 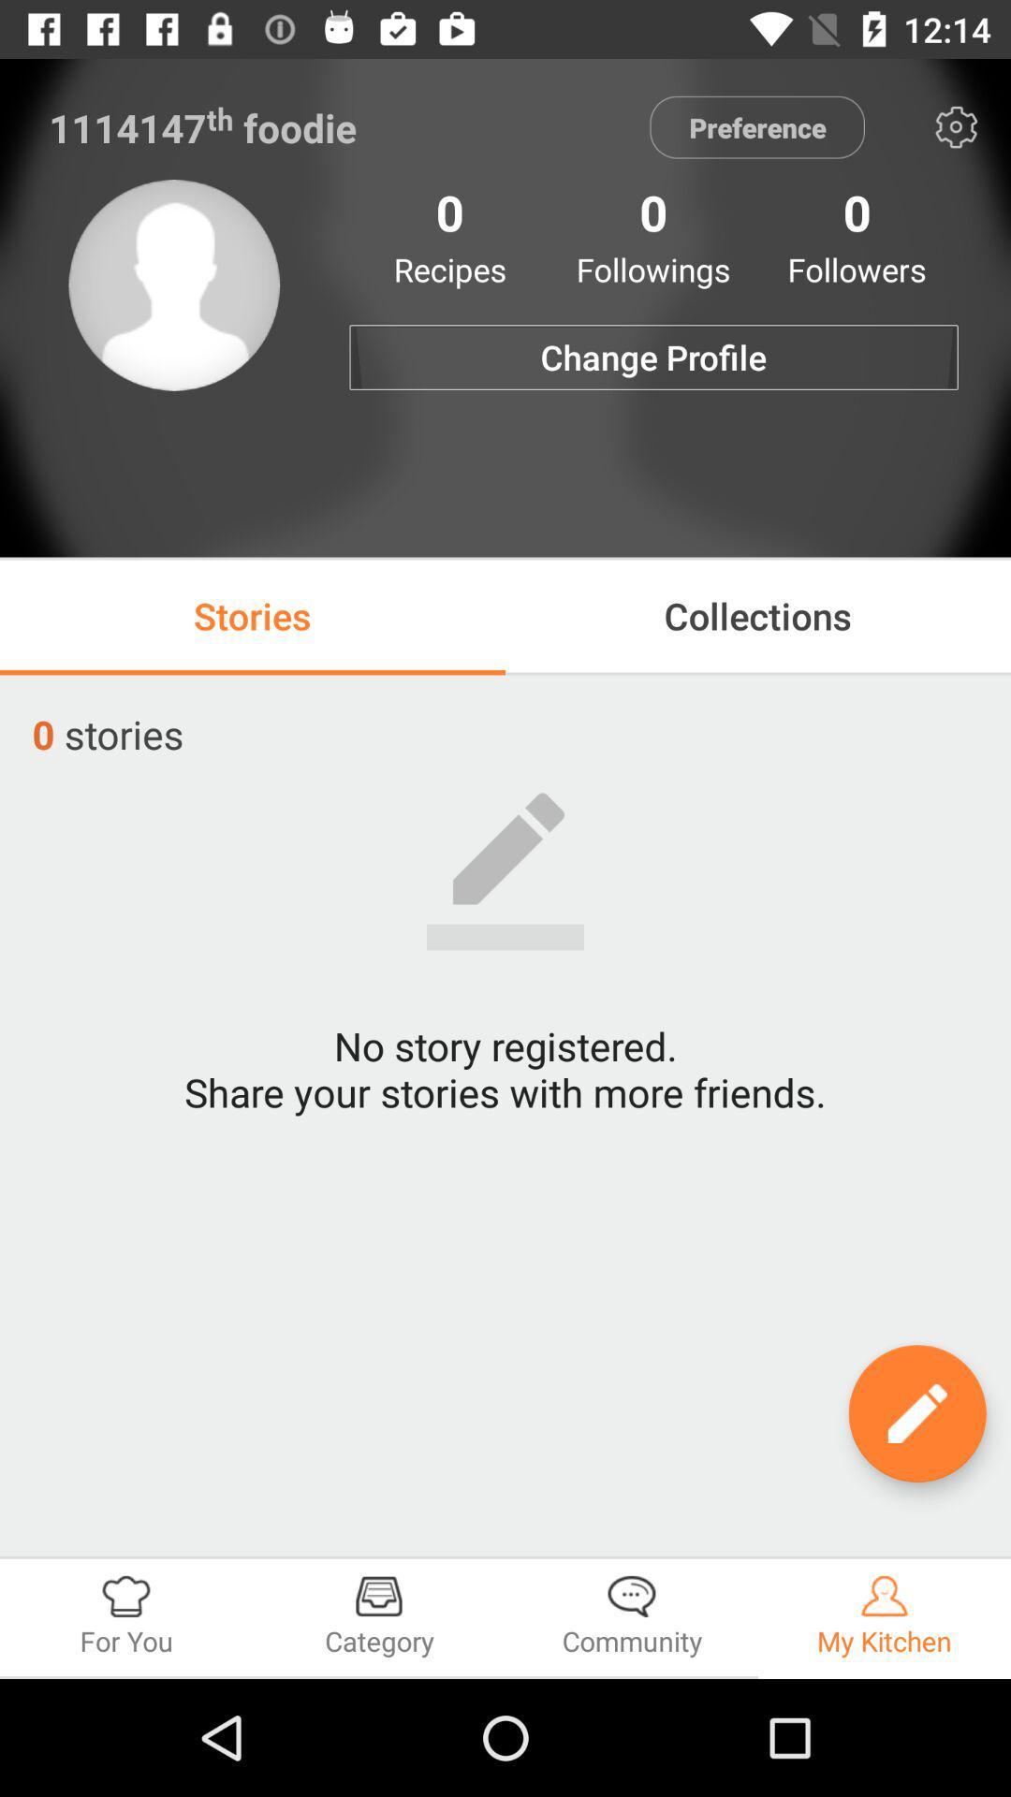 I want to click on icon below recipes icon, so click(x=652, y=358).